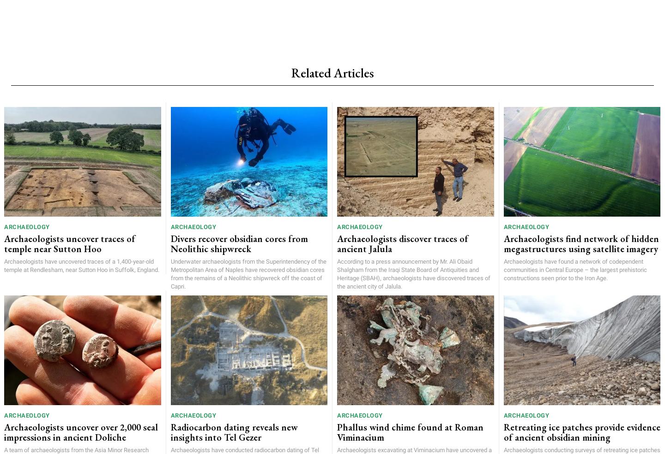  Describe the element at coordinates (69, 243) in the screenshot. I see `'Archaeologists uncover traces of temple near Sutton Hoo'` at that location.